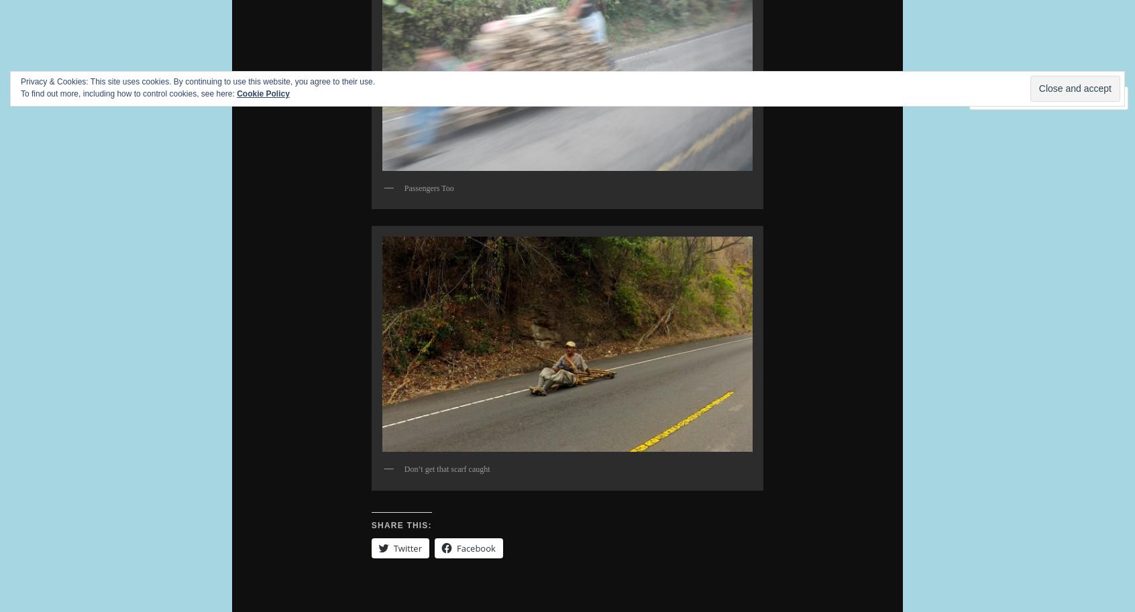  Describe the element at coordinates (474, 547) in the screenshot. I see `'Facebook'` at that location.